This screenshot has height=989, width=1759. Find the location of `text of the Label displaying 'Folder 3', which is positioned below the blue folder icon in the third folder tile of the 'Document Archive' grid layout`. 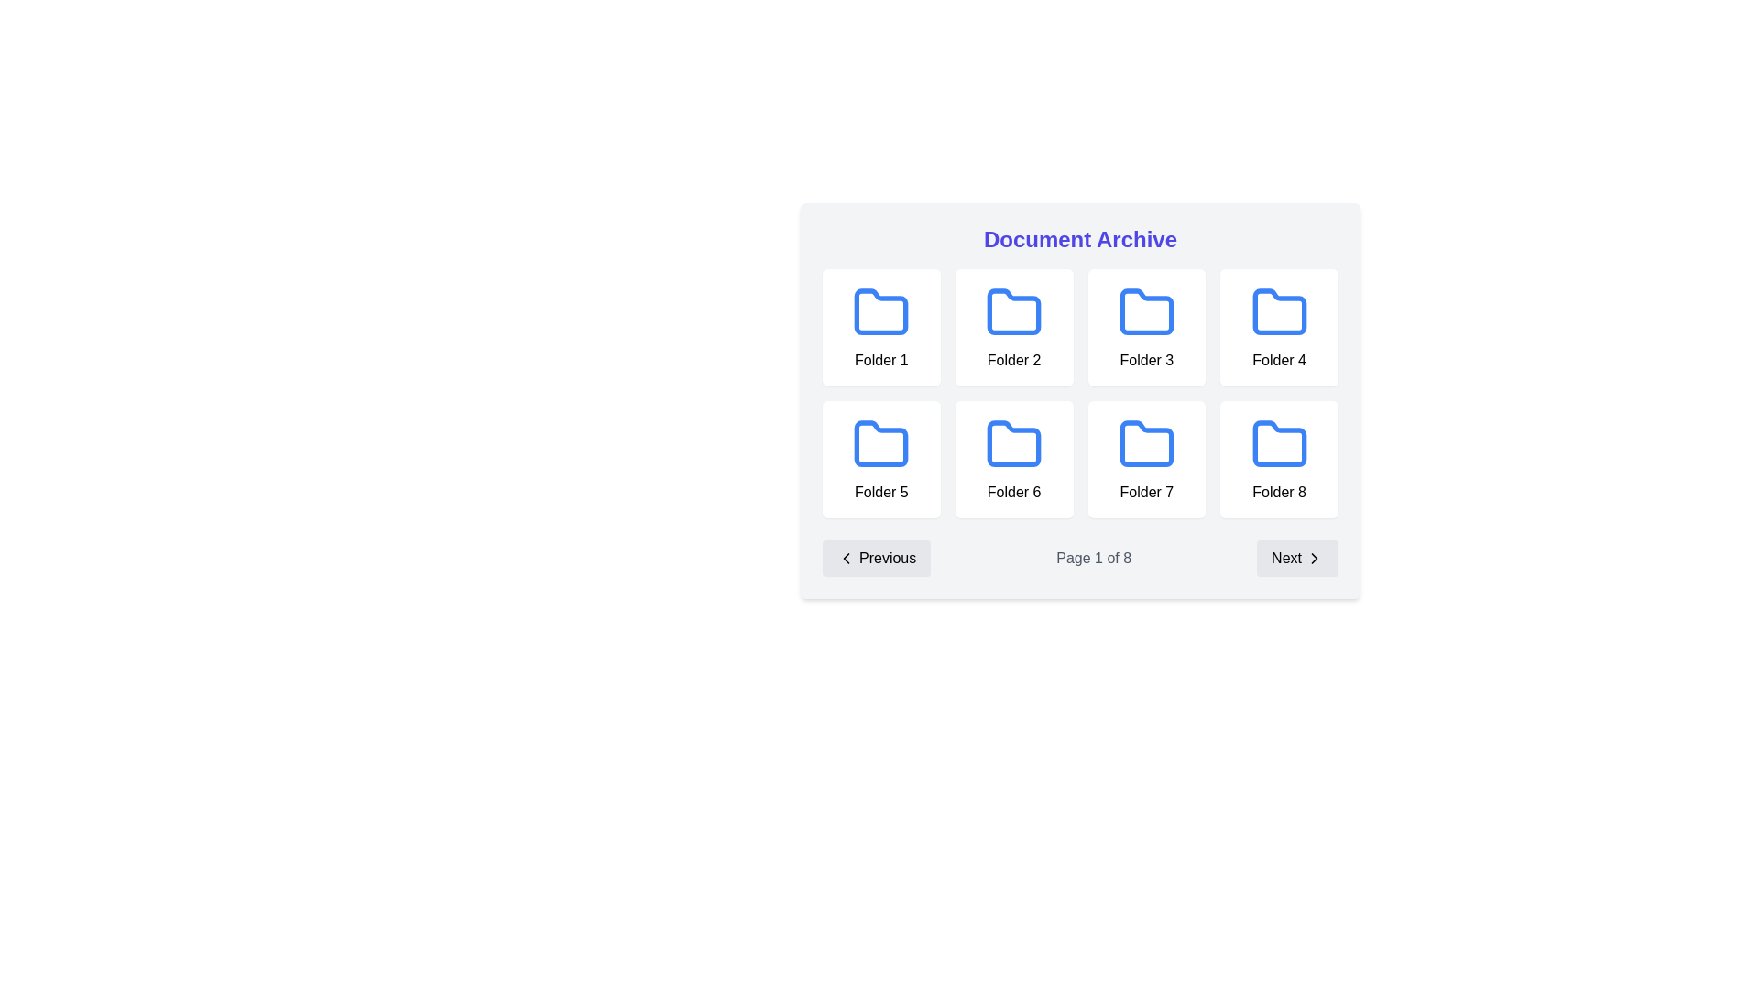

text of the Label displaying 'Folder 3', which is positioned below the blue folder icon in the third folder tile of the 'Document Archive' grid layout is located at coordinates (1145, 360).